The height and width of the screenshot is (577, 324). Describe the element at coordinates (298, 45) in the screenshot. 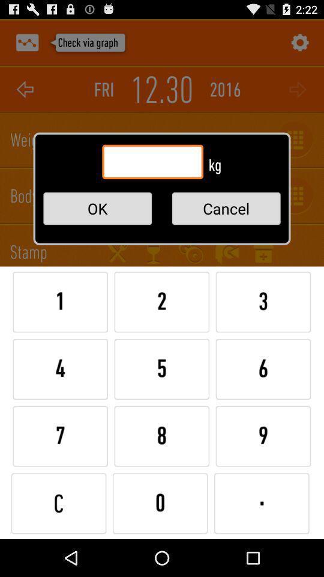

I see `the settings icon` at that location.